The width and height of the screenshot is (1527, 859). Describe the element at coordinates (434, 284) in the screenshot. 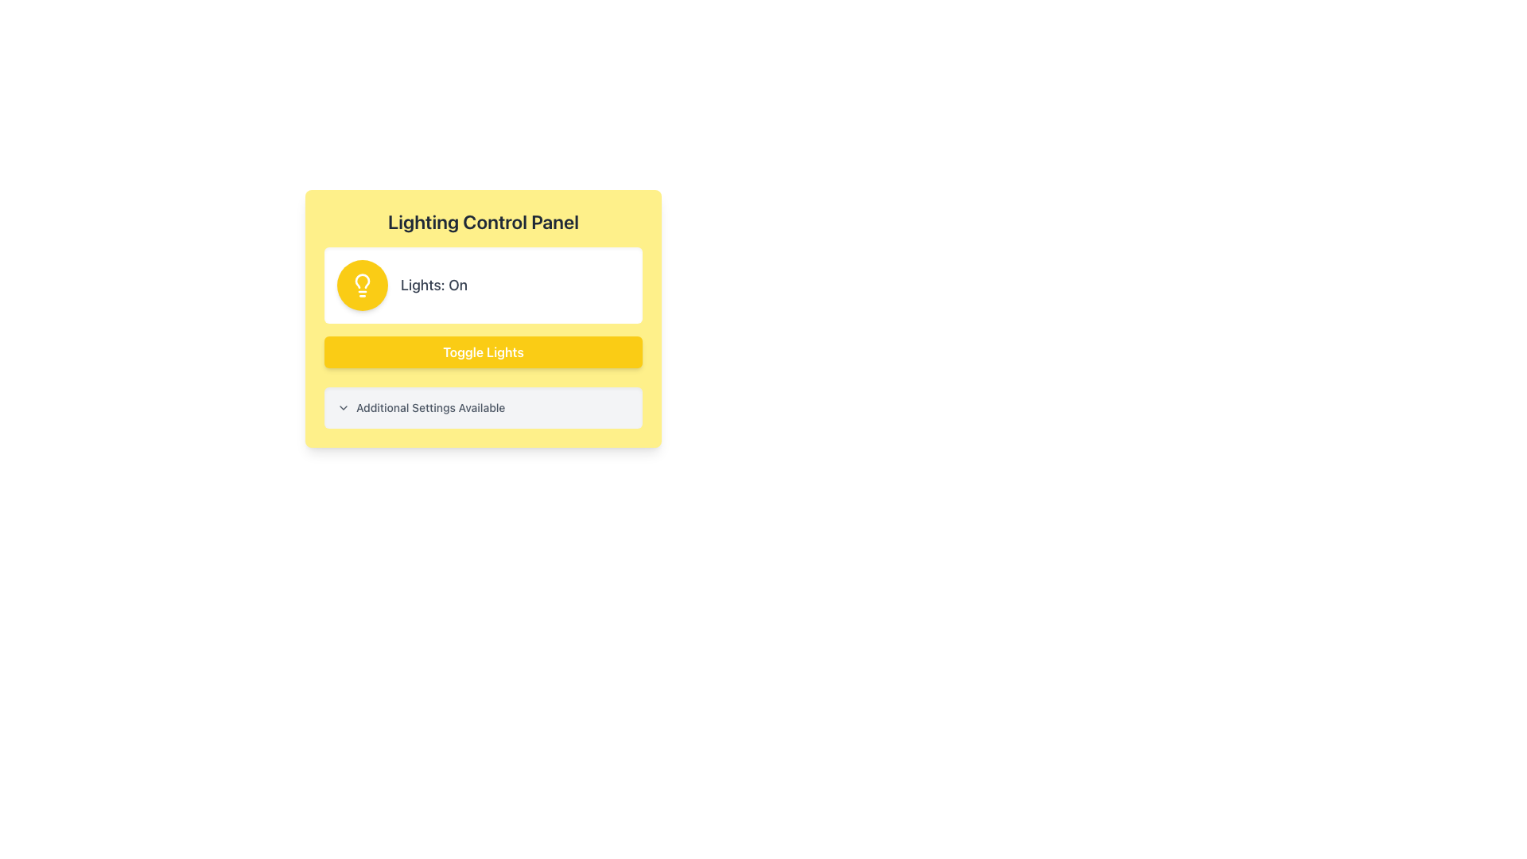

I see `the text label that indicates the current state of the lights ('On') located within the white rounded rectangle in the 'Lighting Control Panel', positioned to the right of a circular yellow icon with a lightbulb graphic` at that location.